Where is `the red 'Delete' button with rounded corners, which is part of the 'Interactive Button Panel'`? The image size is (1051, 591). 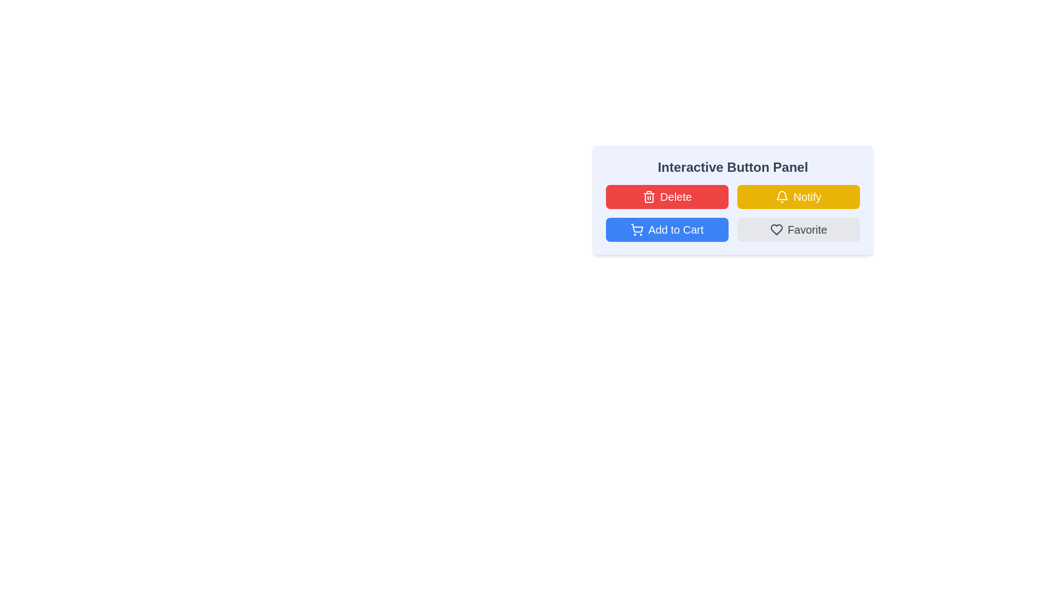 the red 'Delete' button with rounded corners, which is part of the 'Interactive Button Panel' is located at coordinates (667, 196).